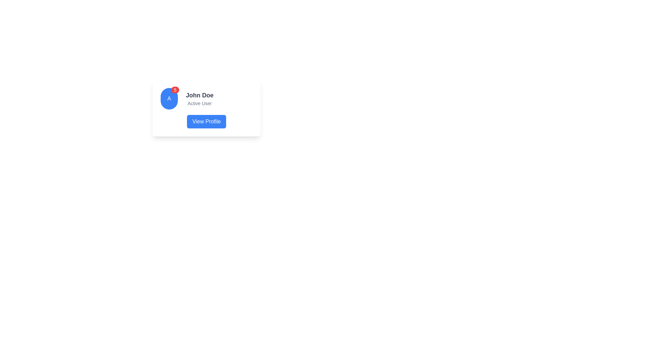 The width and height of the screenshot is (648, 364). What do you see at coordinates (175, 89) in the screenshot?
I see `the Notification Badge located in the top-right corner of the user profile card for 'John Doe', which displays unread messages or notifications` at bounding box center [175, 89].